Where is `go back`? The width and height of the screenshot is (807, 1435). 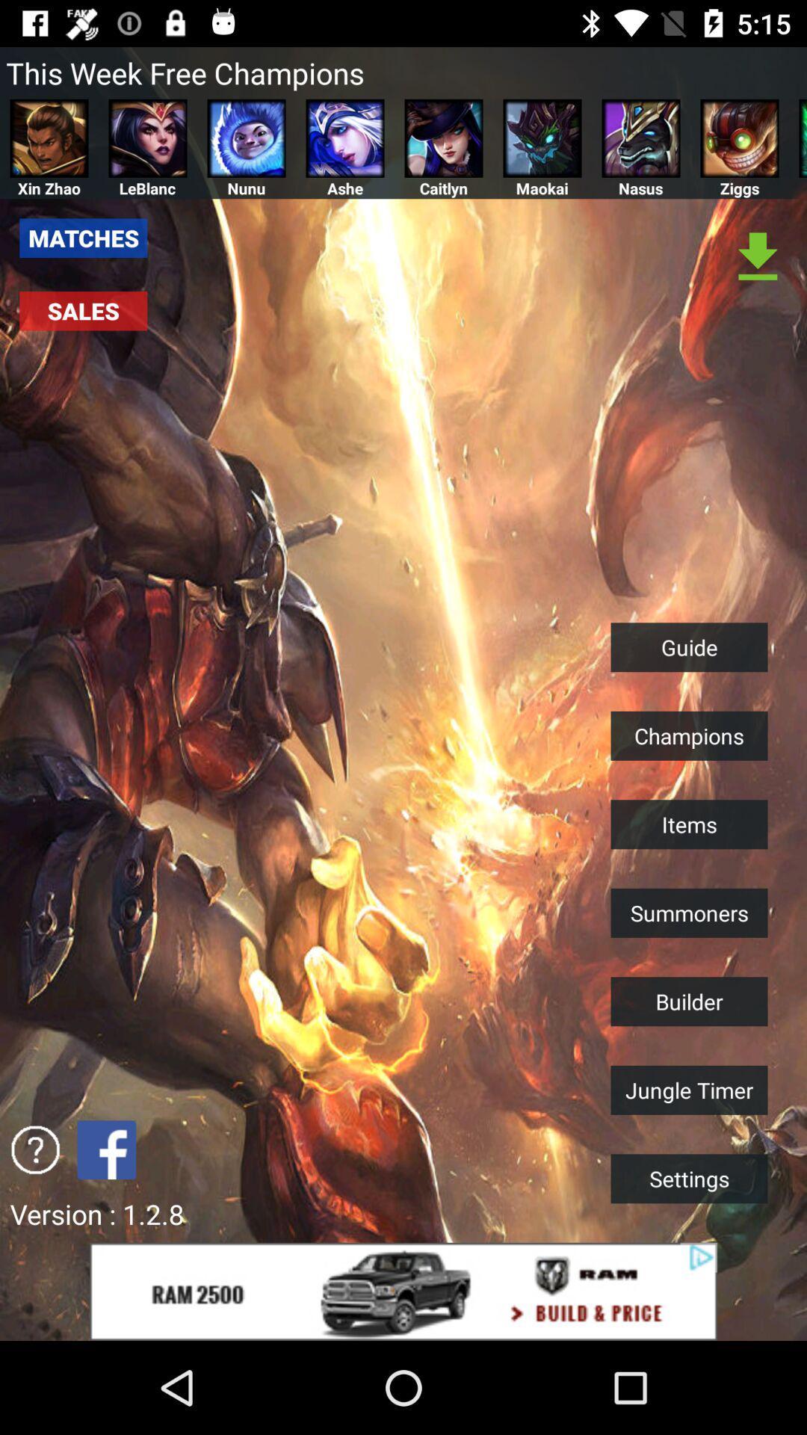
go back is located at coordinates (105, 1149).